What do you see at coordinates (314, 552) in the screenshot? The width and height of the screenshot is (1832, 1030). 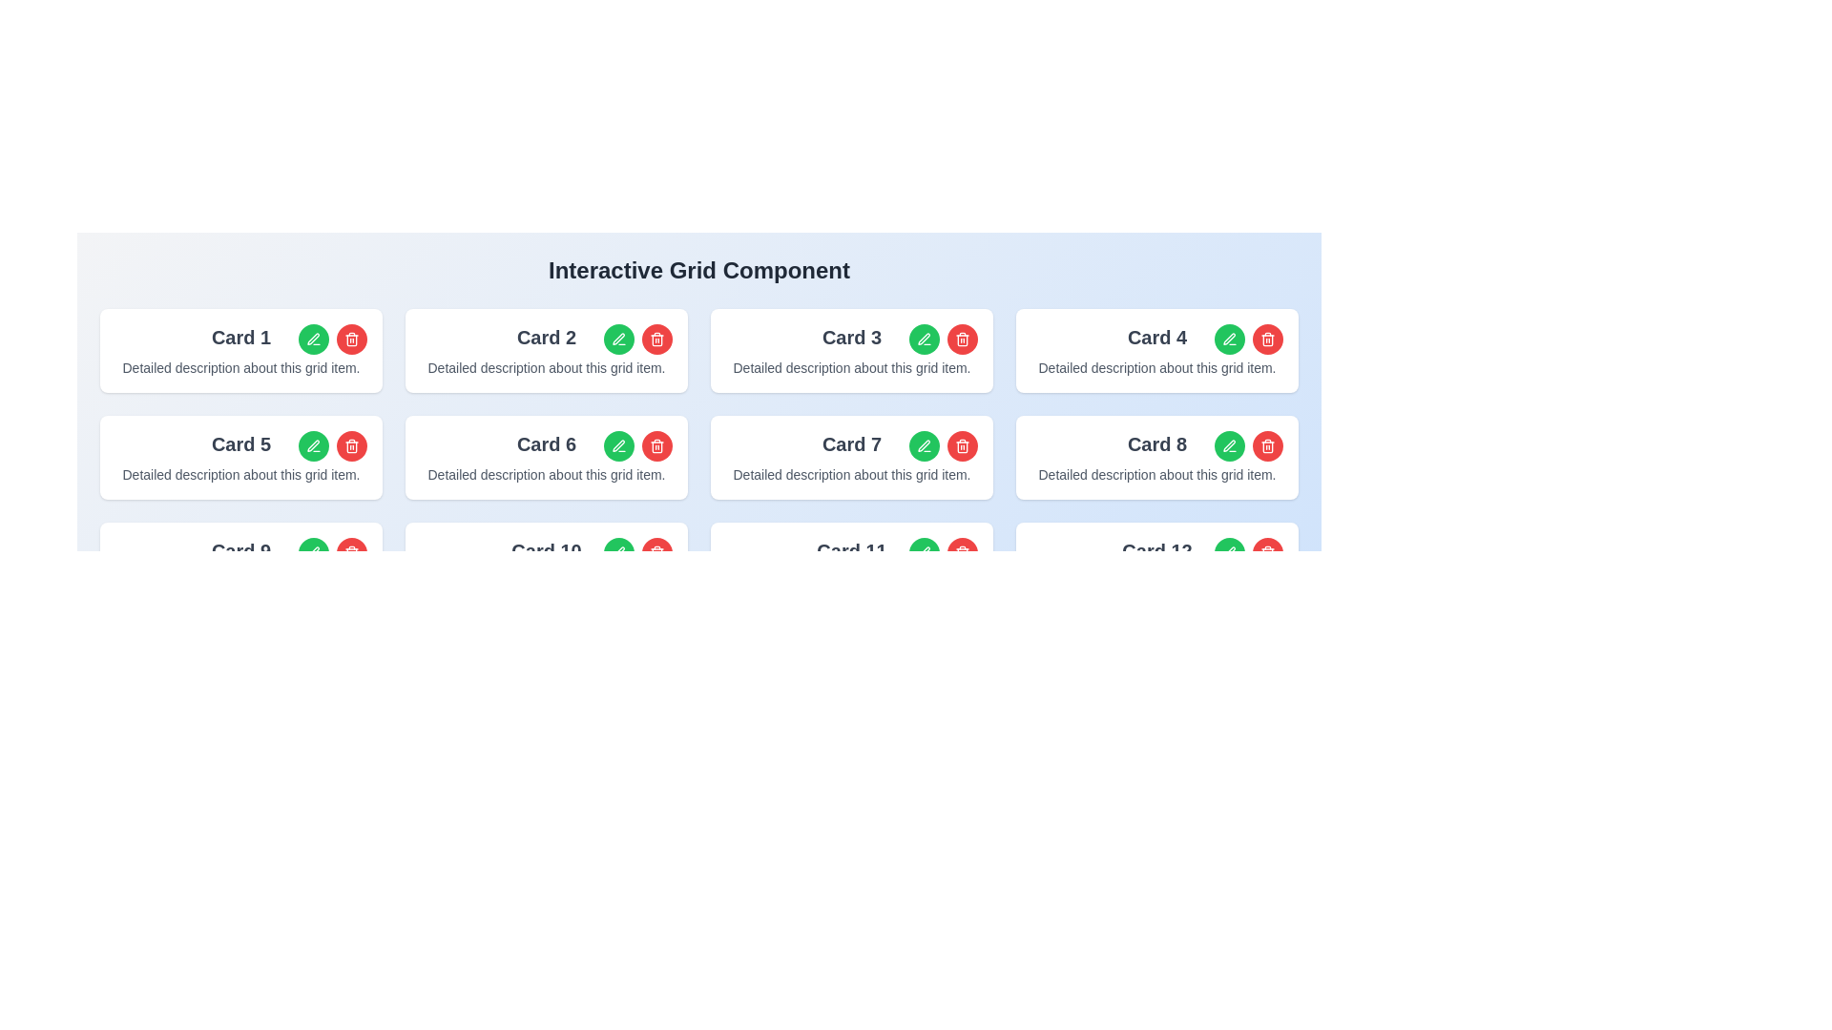 I see `the circular green button with a white pen icon located at the top-right corner of its card to change its background color to a darker green` at bounding box center [314, 552].